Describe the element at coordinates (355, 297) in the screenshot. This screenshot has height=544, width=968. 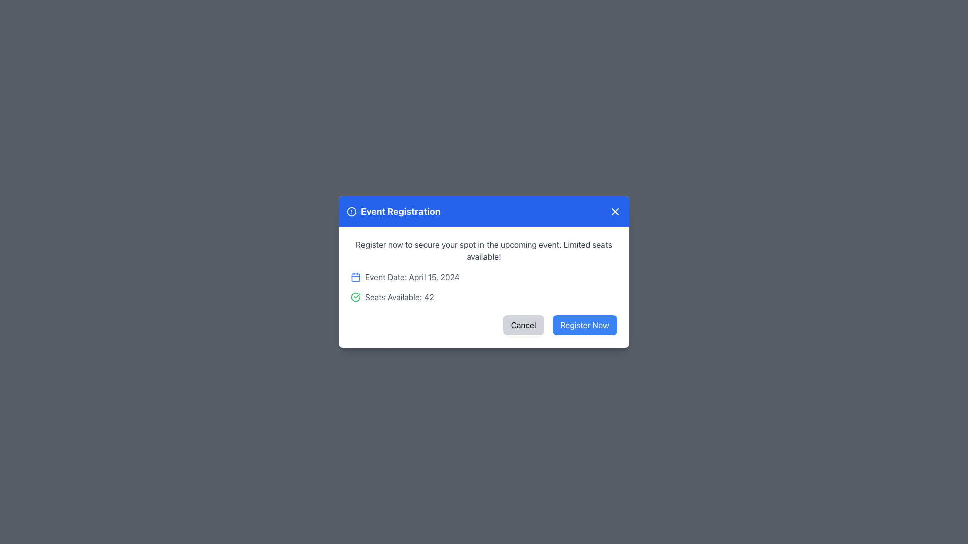
I see `the circular green icon with a white checkmark, which is positioned immediately to the left of the text 'Seats Available: 42'` at that location.